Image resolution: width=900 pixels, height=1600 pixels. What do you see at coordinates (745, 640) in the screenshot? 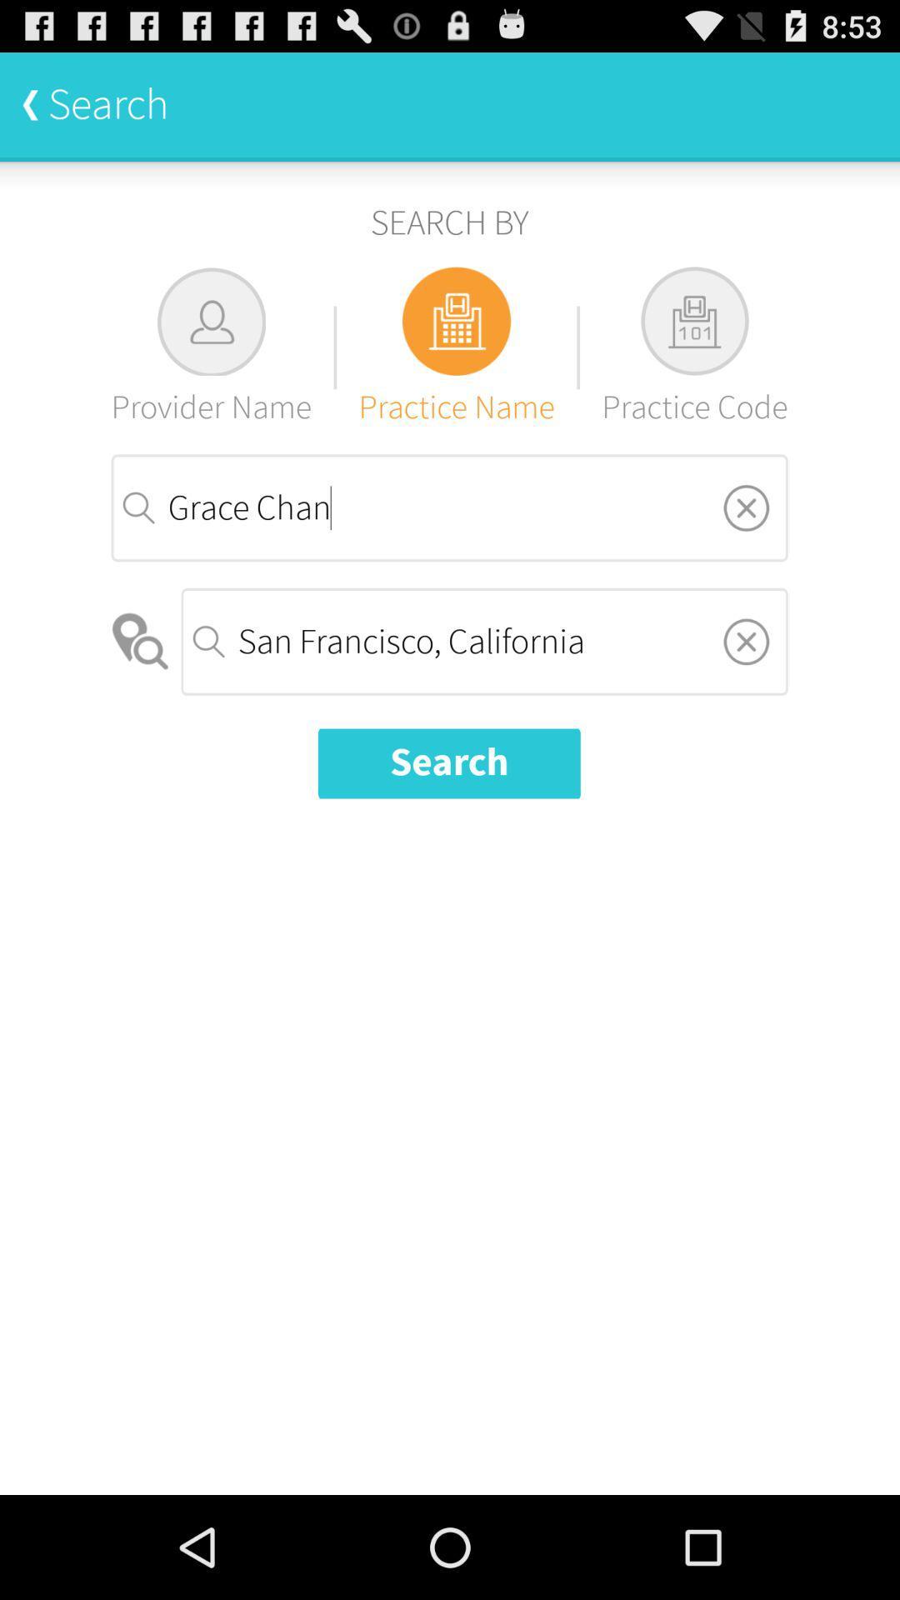
I see `text box` at bounding box center [745, 640].